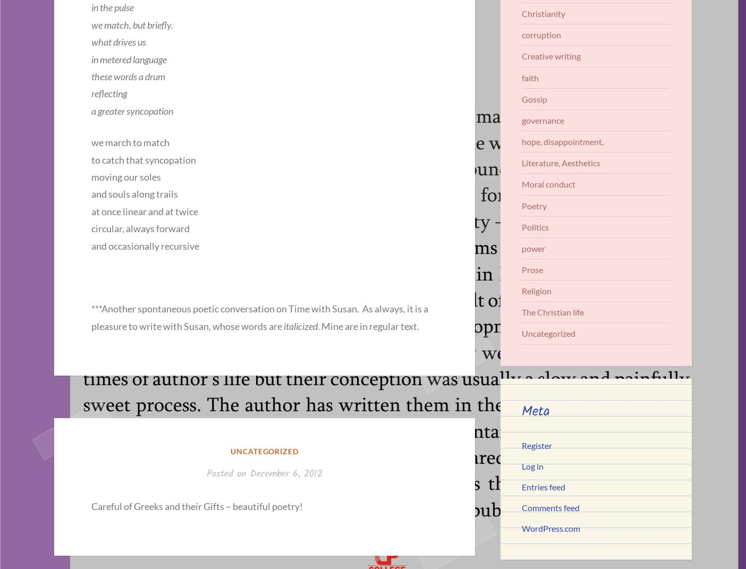 The width and height of the screenshot is (746, 569). Describe the element at coordinates (543, 486) in the screenshot. I see `'Entries feed'` at that location.